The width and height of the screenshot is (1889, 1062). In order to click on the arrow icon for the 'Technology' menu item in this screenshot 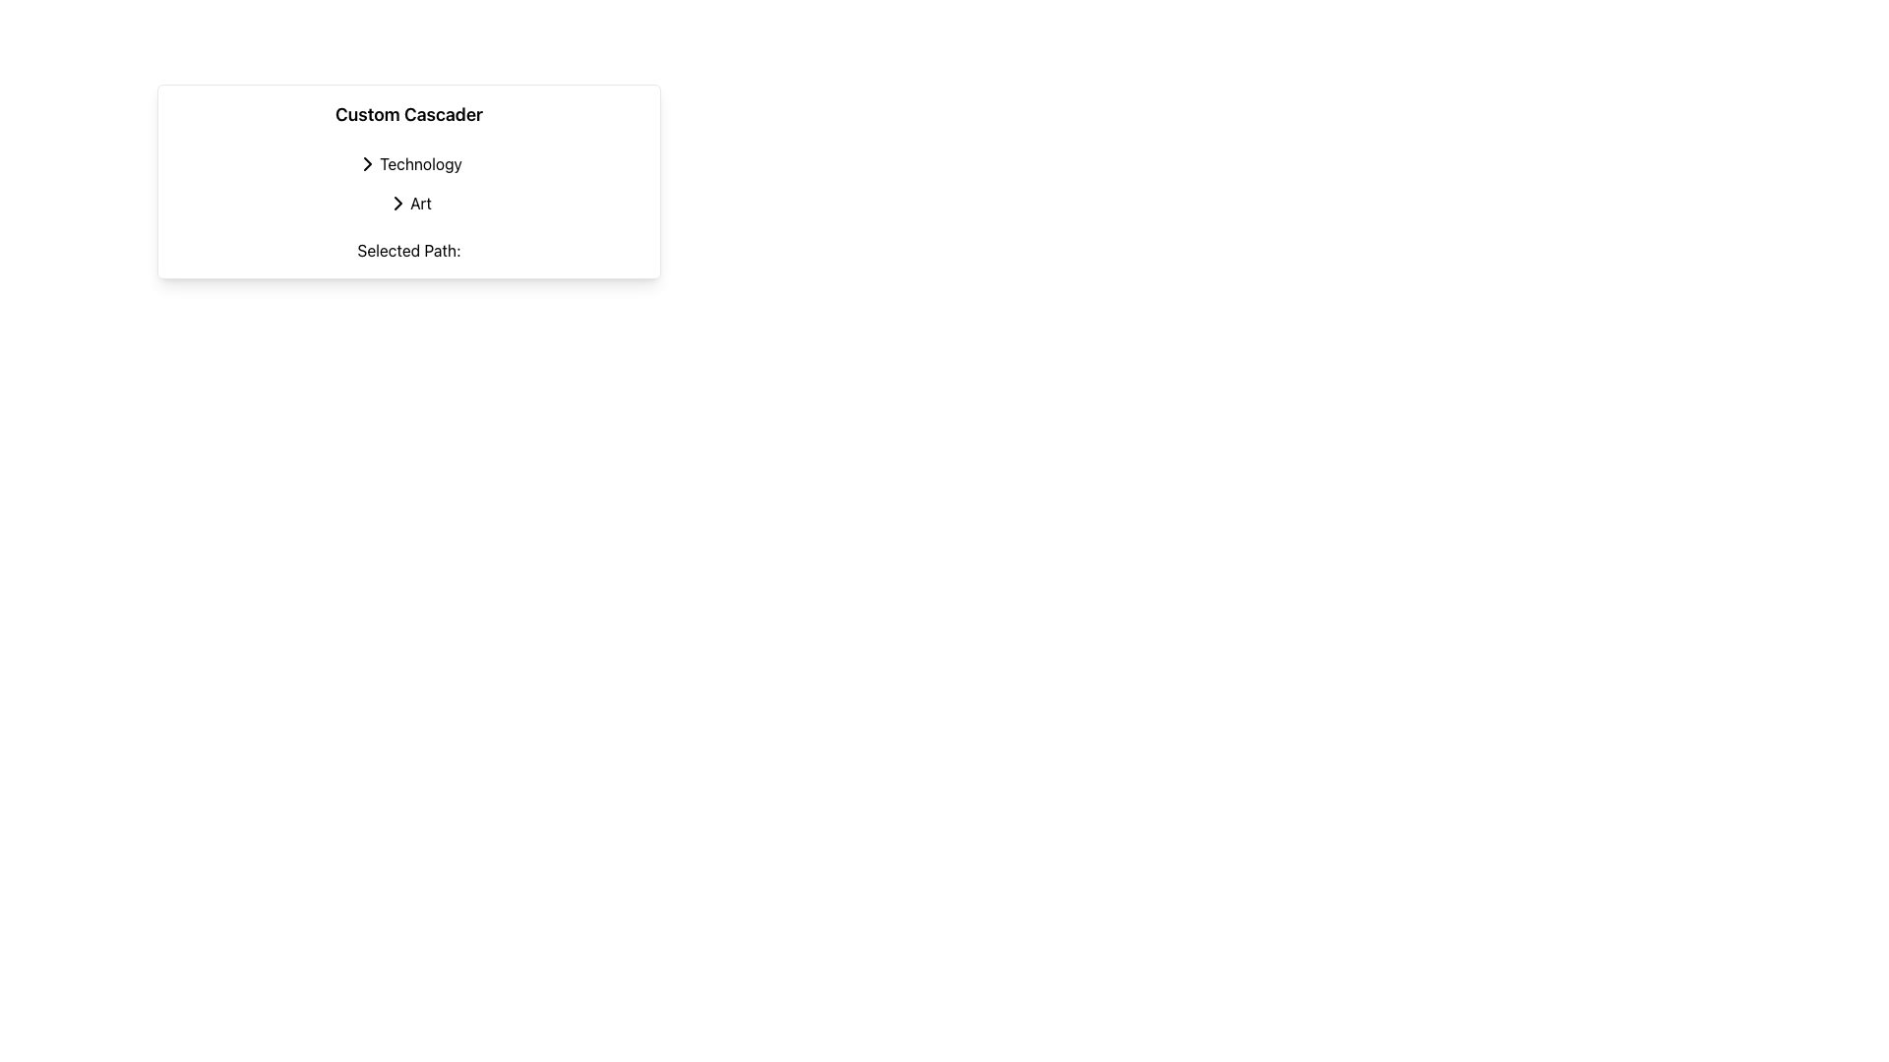, I will do `click(408, 162)`.